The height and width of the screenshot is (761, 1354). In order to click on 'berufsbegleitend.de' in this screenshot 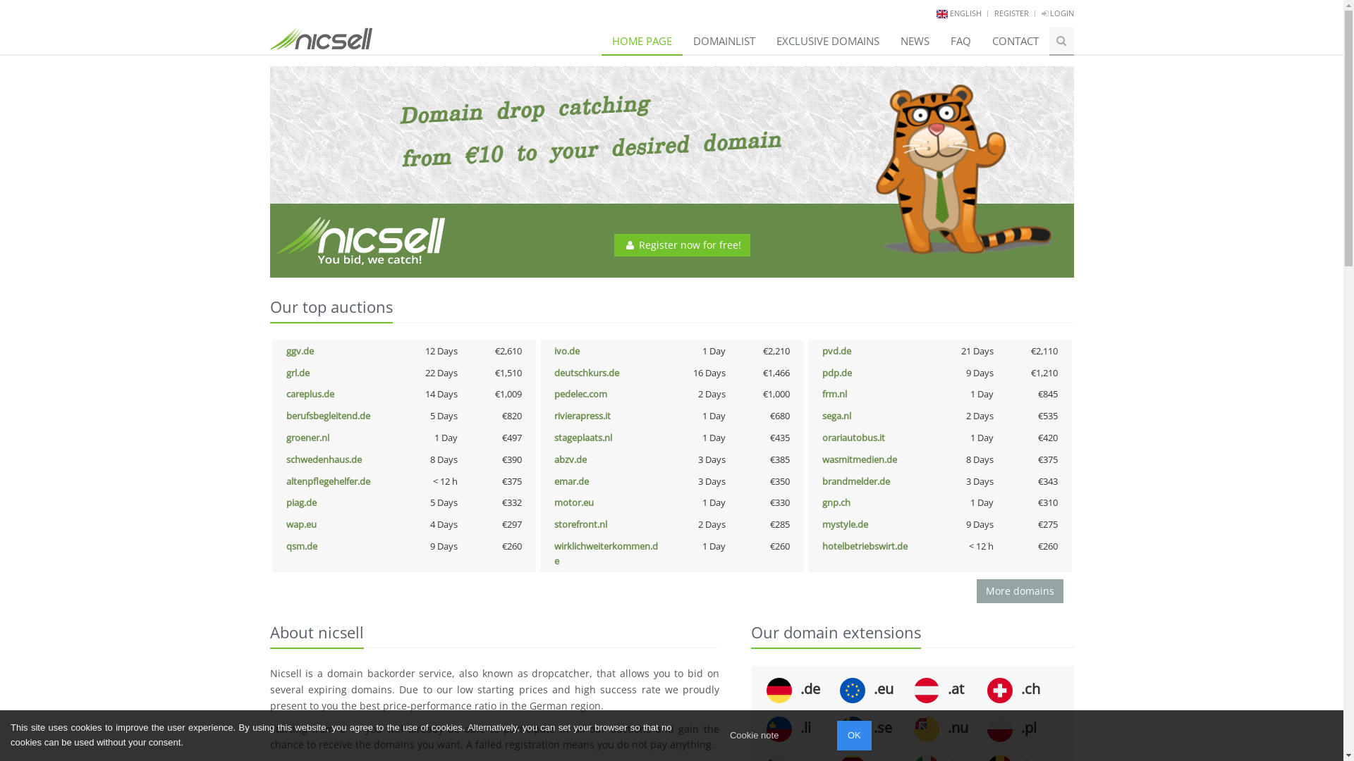, I will do `click(327, 415)`.